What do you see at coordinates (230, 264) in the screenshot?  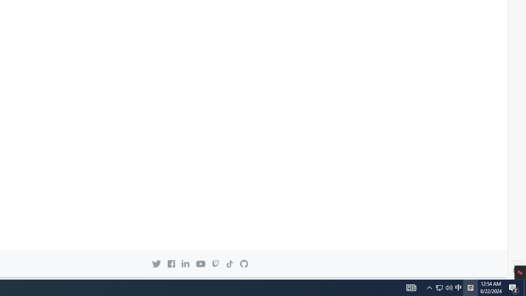 I see `'TikTok icon'` at bounding box center [230, 264].